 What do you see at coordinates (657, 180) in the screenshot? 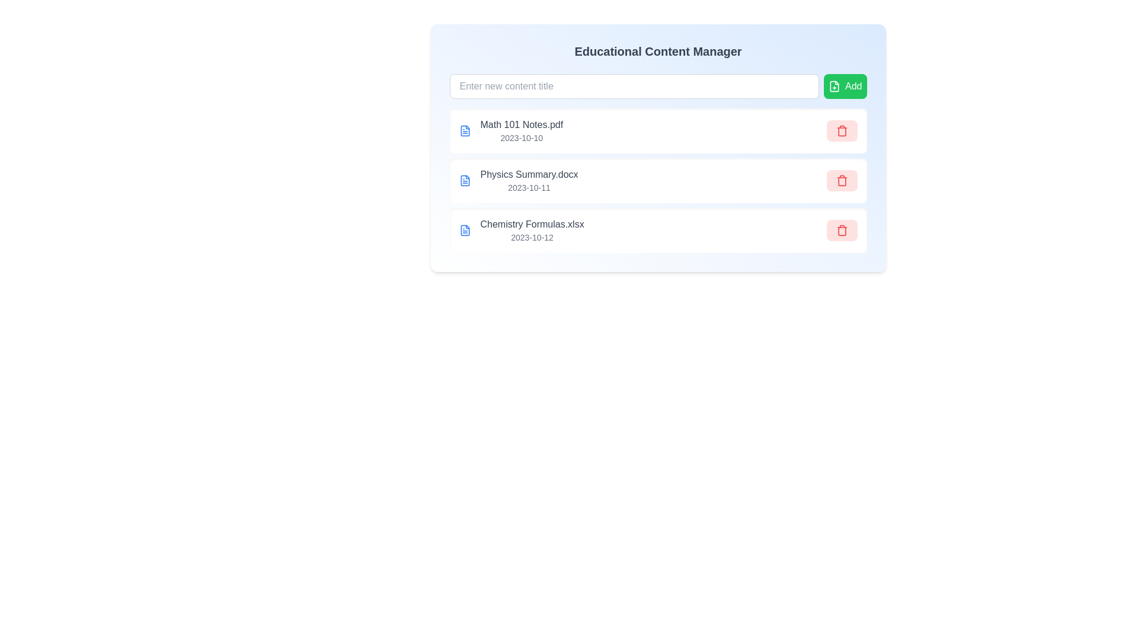
I see `the list item labeled 'Physics Summary.docx' which is the second item in a vertical list, containing the date '2023-10-11'` at bounding box center [657, 180].